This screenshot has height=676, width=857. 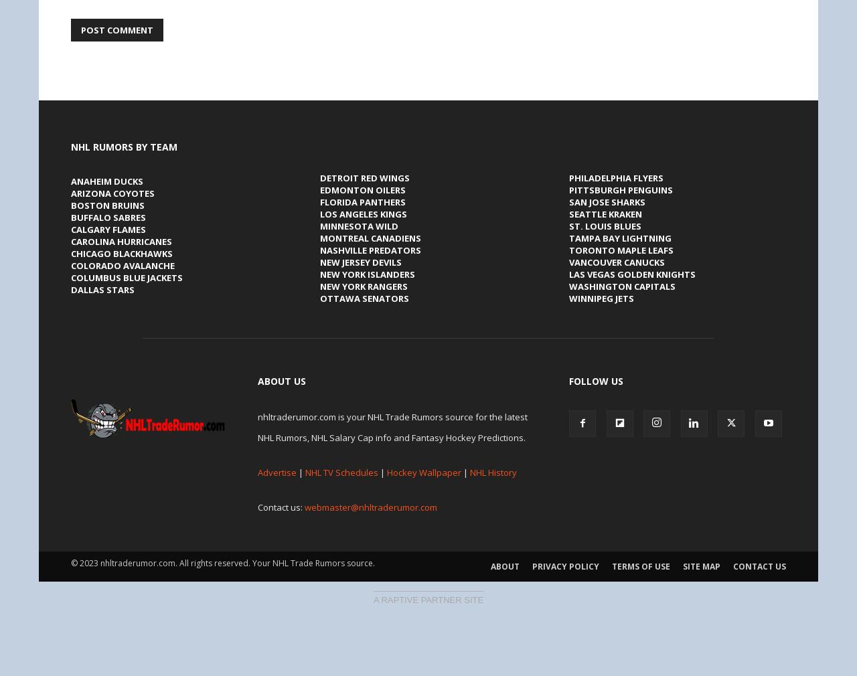 I want to click on 'NHL Rumors by Team', so click(x=124, y=145).